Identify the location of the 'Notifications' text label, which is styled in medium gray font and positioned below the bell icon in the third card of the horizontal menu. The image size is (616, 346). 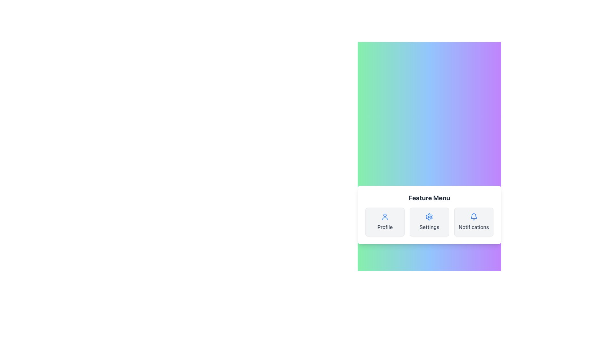
(474, 227).